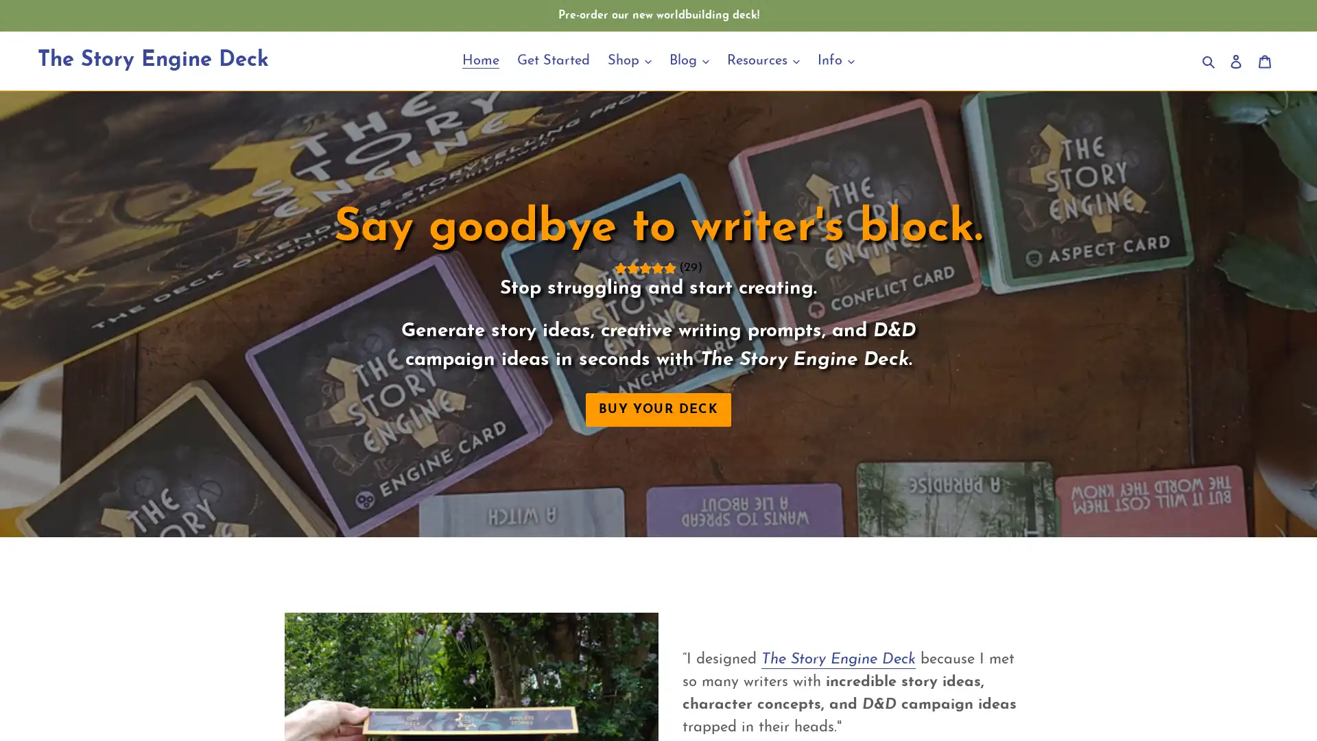  I want to click on Resources, so click(763, 60).